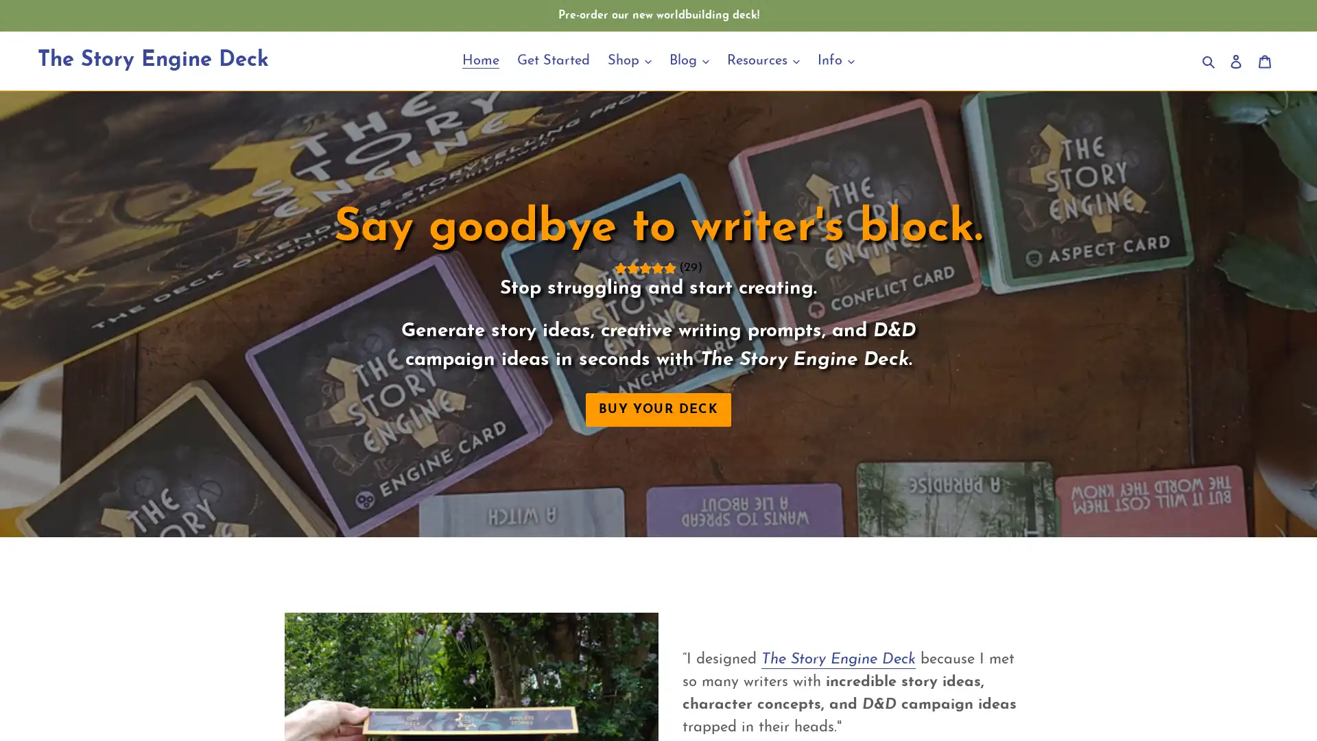  I want to click on Resources, so click(763, 60).